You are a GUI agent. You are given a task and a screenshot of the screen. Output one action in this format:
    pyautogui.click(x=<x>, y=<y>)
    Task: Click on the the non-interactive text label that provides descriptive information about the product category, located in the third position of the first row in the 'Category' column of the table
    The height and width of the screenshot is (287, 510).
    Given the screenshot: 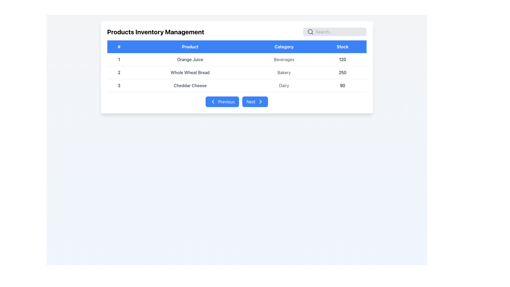 What is the action you would take?
    pyautogui.click(x=284, y=60)
    